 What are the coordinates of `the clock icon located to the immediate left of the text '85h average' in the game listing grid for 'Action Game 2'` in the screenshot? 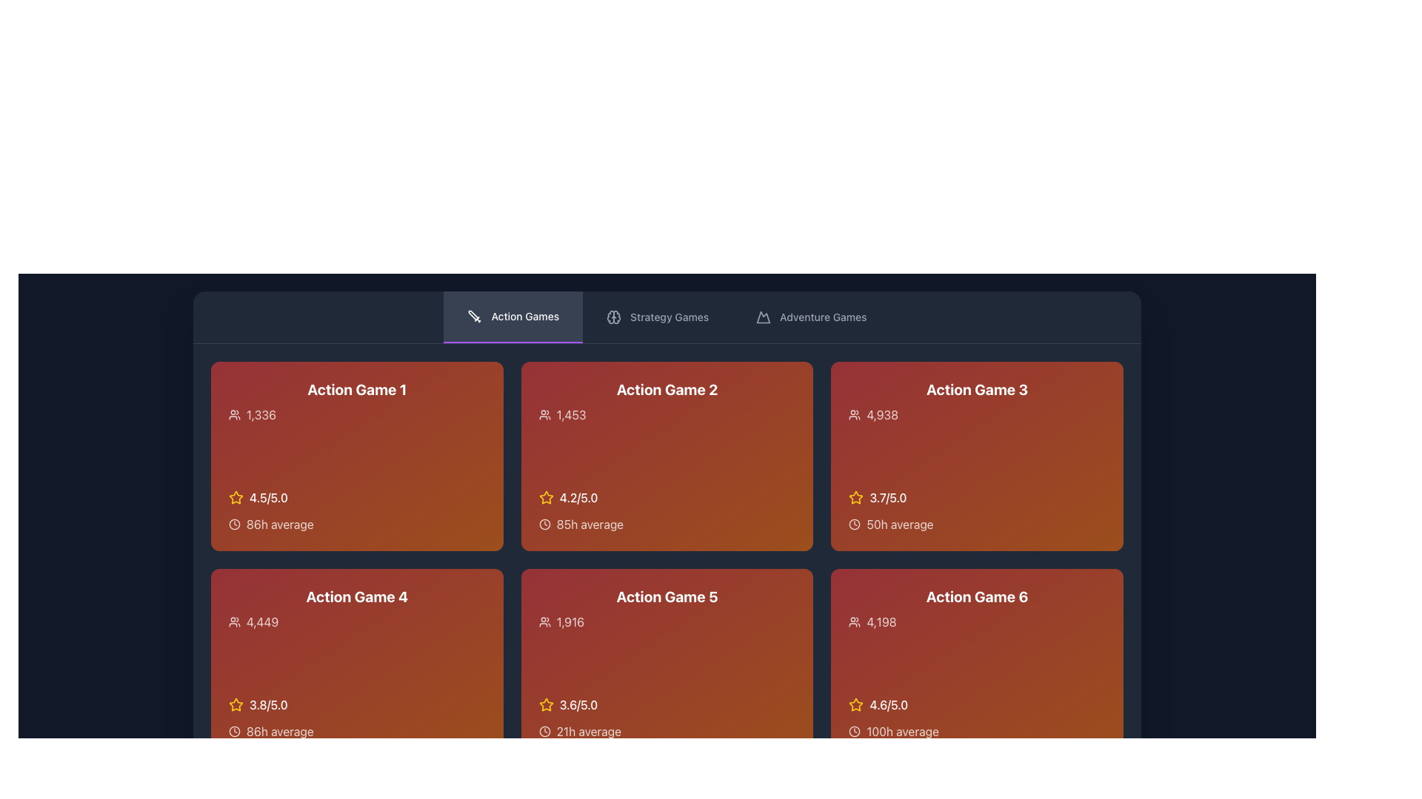 It's located at (544, 524).